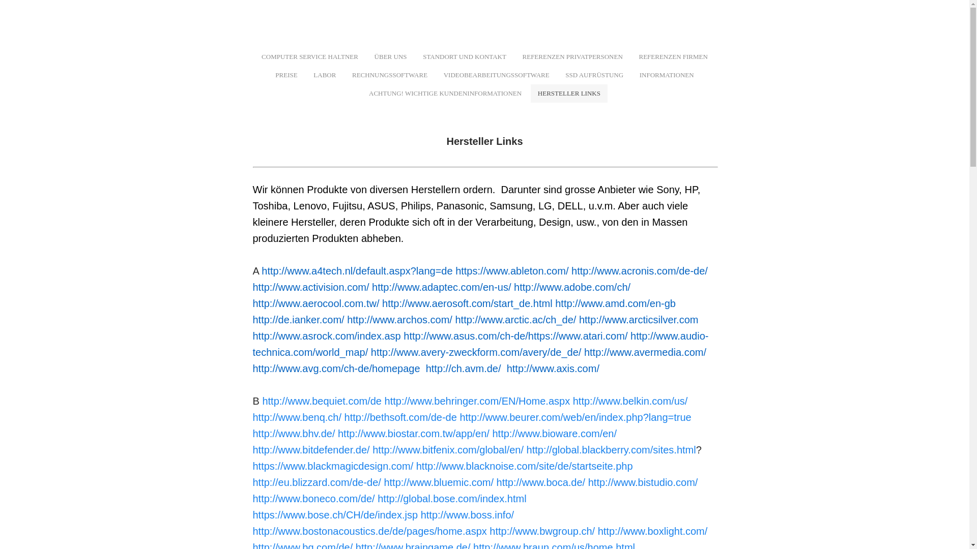 The width and height of the screenshot is (977, 549). I want to click on 'http://www.belkin.com/us/', so click(629, 401).